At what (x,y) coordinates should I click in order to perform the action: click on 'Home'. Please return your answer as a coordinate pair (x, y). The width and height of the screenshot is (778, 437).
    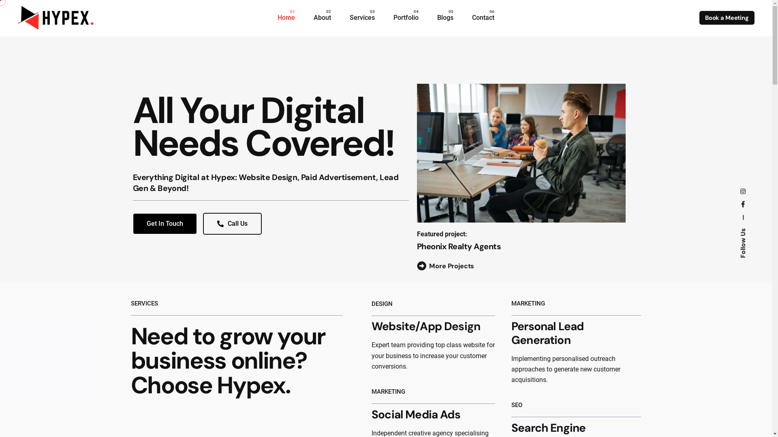
    Looking at the image, I should click on (286, 17).